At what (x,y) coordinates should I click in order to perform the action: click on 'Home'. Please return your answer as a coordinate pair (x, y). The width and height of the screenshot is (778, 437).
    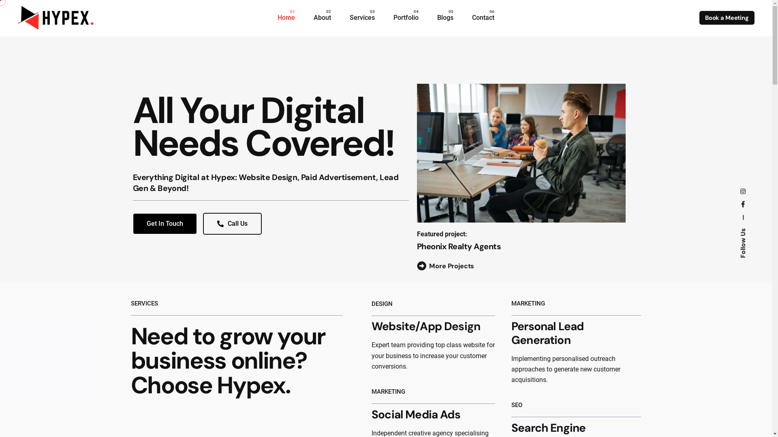
    Looking at the image, I should click on (286, 17).